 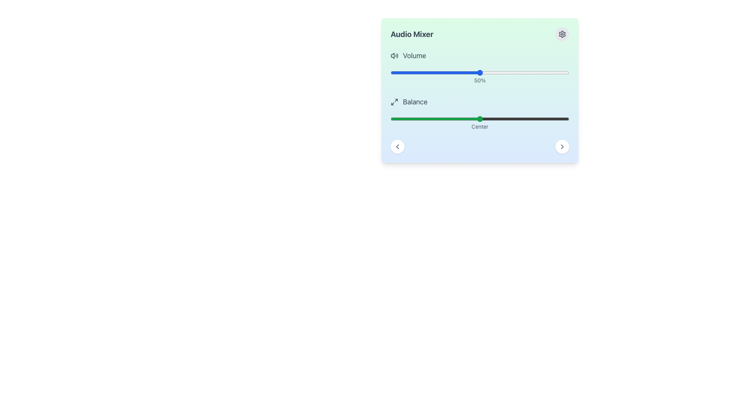 I want to click on the volume, so click(x=470, y=73).